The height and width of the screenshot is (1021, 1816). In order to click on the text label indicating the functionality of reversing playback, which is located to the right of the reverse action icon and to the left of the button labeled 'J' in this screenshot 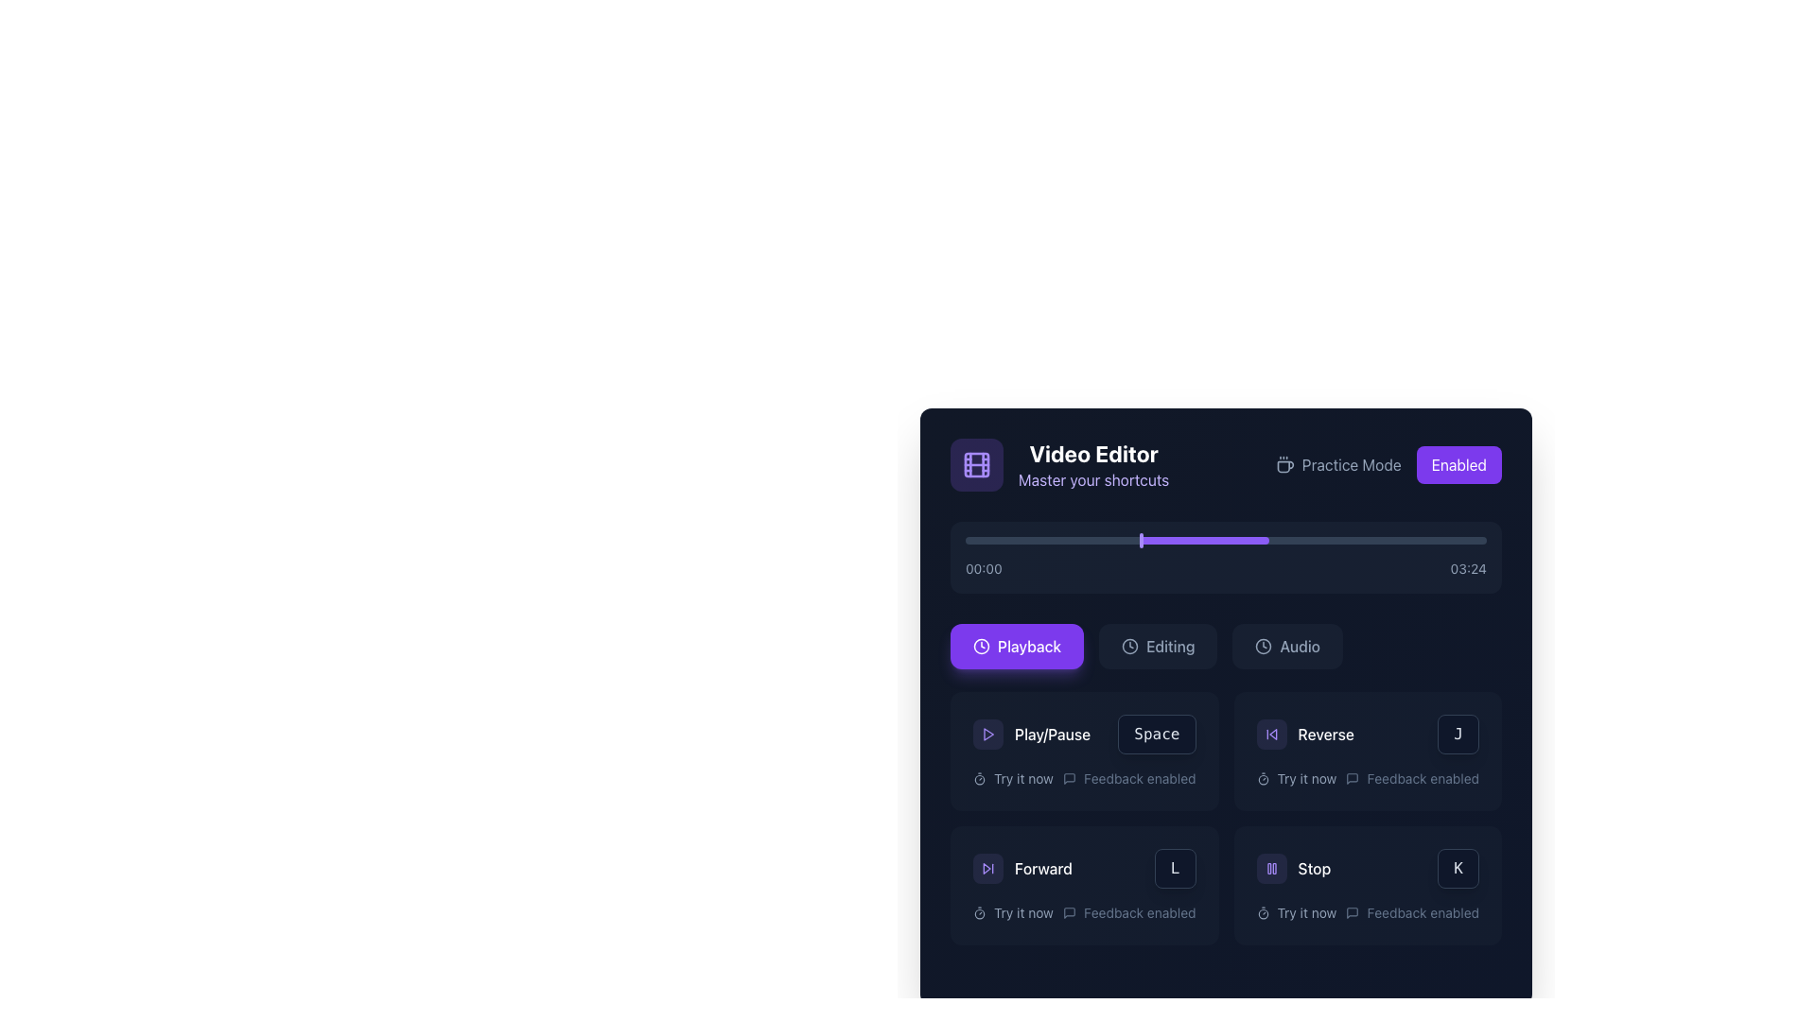, I will do `click(1325, 733)`.